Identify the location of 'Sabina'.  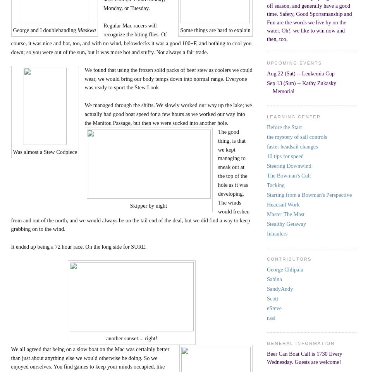
(274, 278).